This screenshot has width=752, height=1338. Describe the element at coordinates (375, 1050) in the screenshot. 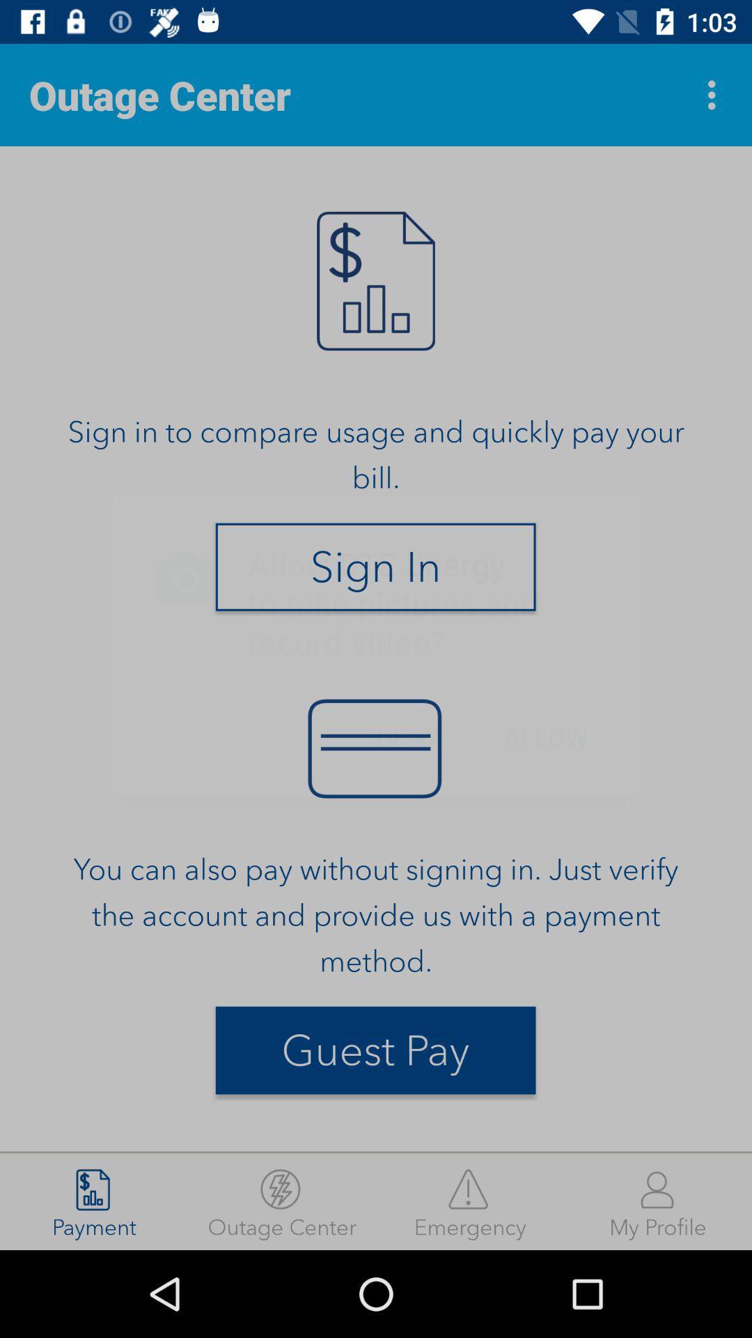

I see `the item below the you can also item` at that location.